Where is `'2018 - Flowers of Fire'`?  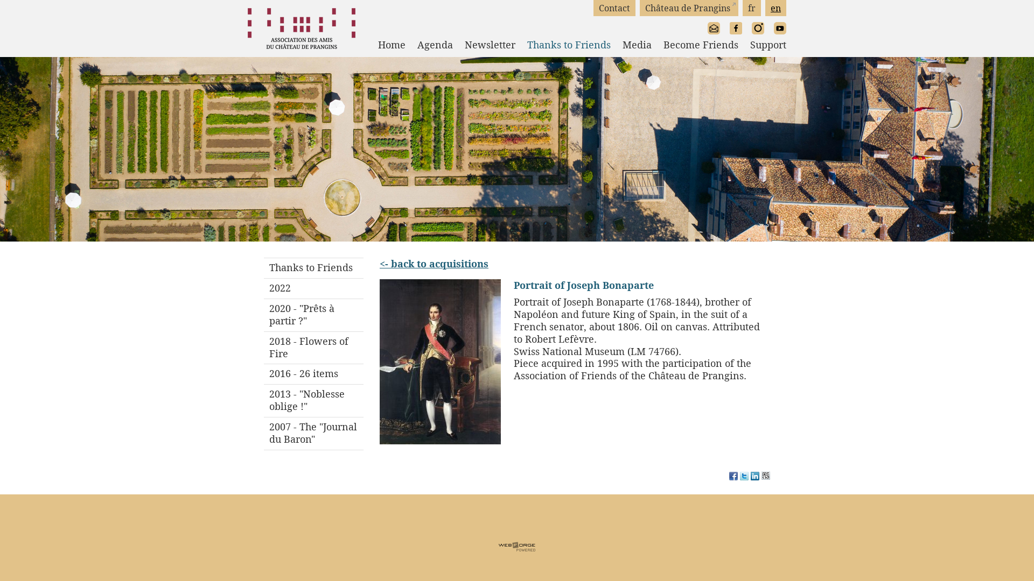 '2018 - Flowers of Fire' is located at coordinates (313, 348).